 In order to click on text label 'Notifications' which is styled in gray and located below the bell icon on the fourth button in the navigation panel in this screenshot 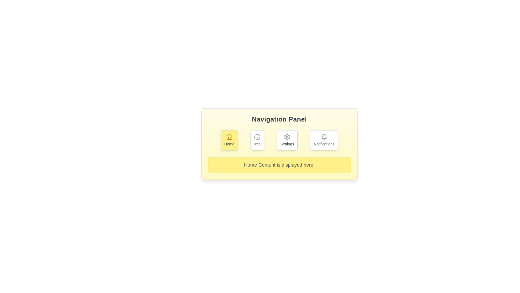, I will do `click(324, 144)`.